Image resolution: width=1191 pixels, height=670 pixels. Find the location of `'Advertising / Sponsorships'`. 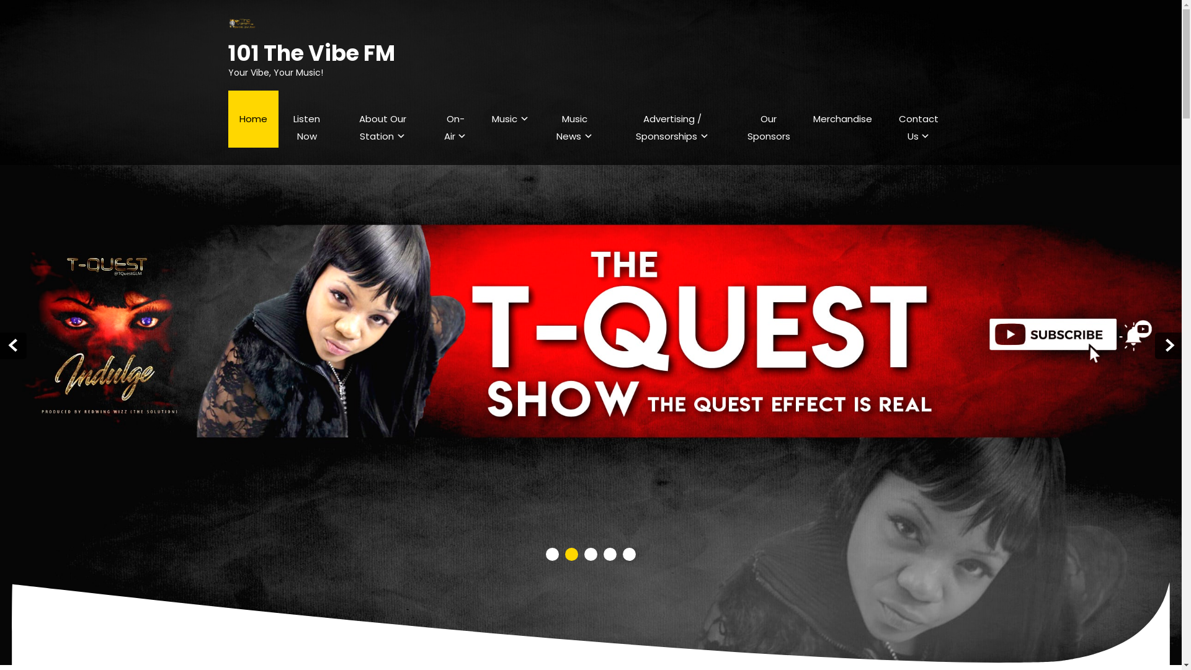

'Advertising / Sponsorships' is located at coordinates (672, 127).